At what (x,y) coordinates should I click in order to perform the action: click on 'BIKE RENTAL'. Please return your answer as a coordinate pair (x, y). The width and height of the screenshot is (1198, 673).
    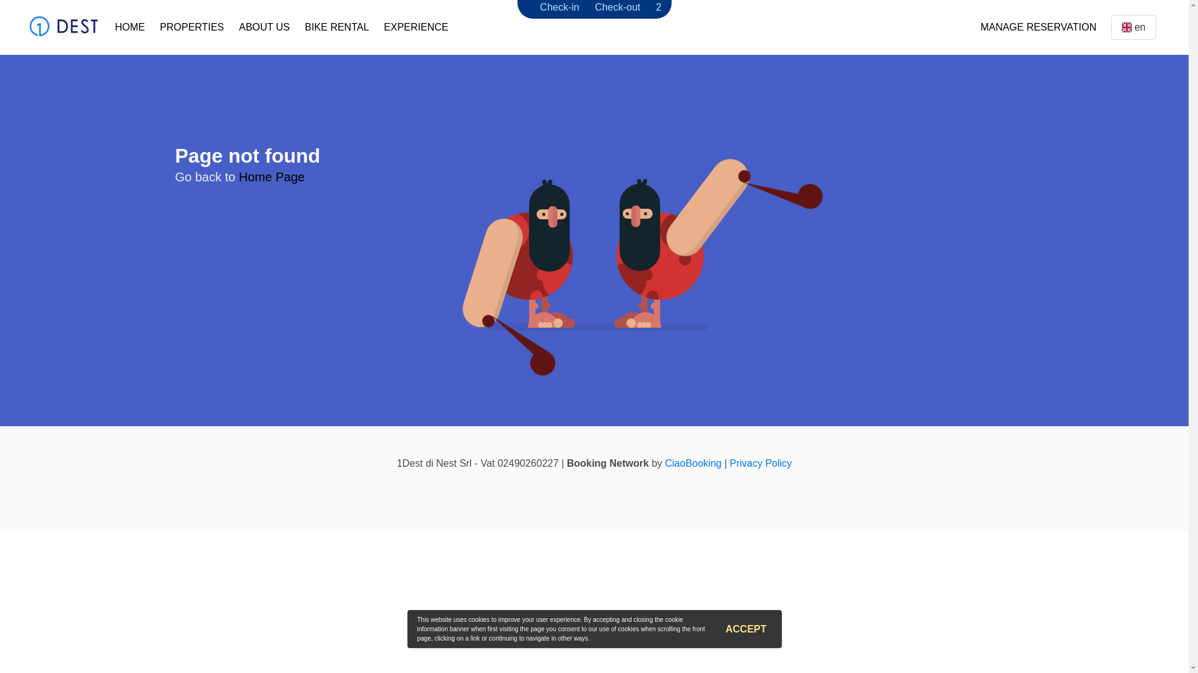
    Looking at the image, I should click on (296, 27).